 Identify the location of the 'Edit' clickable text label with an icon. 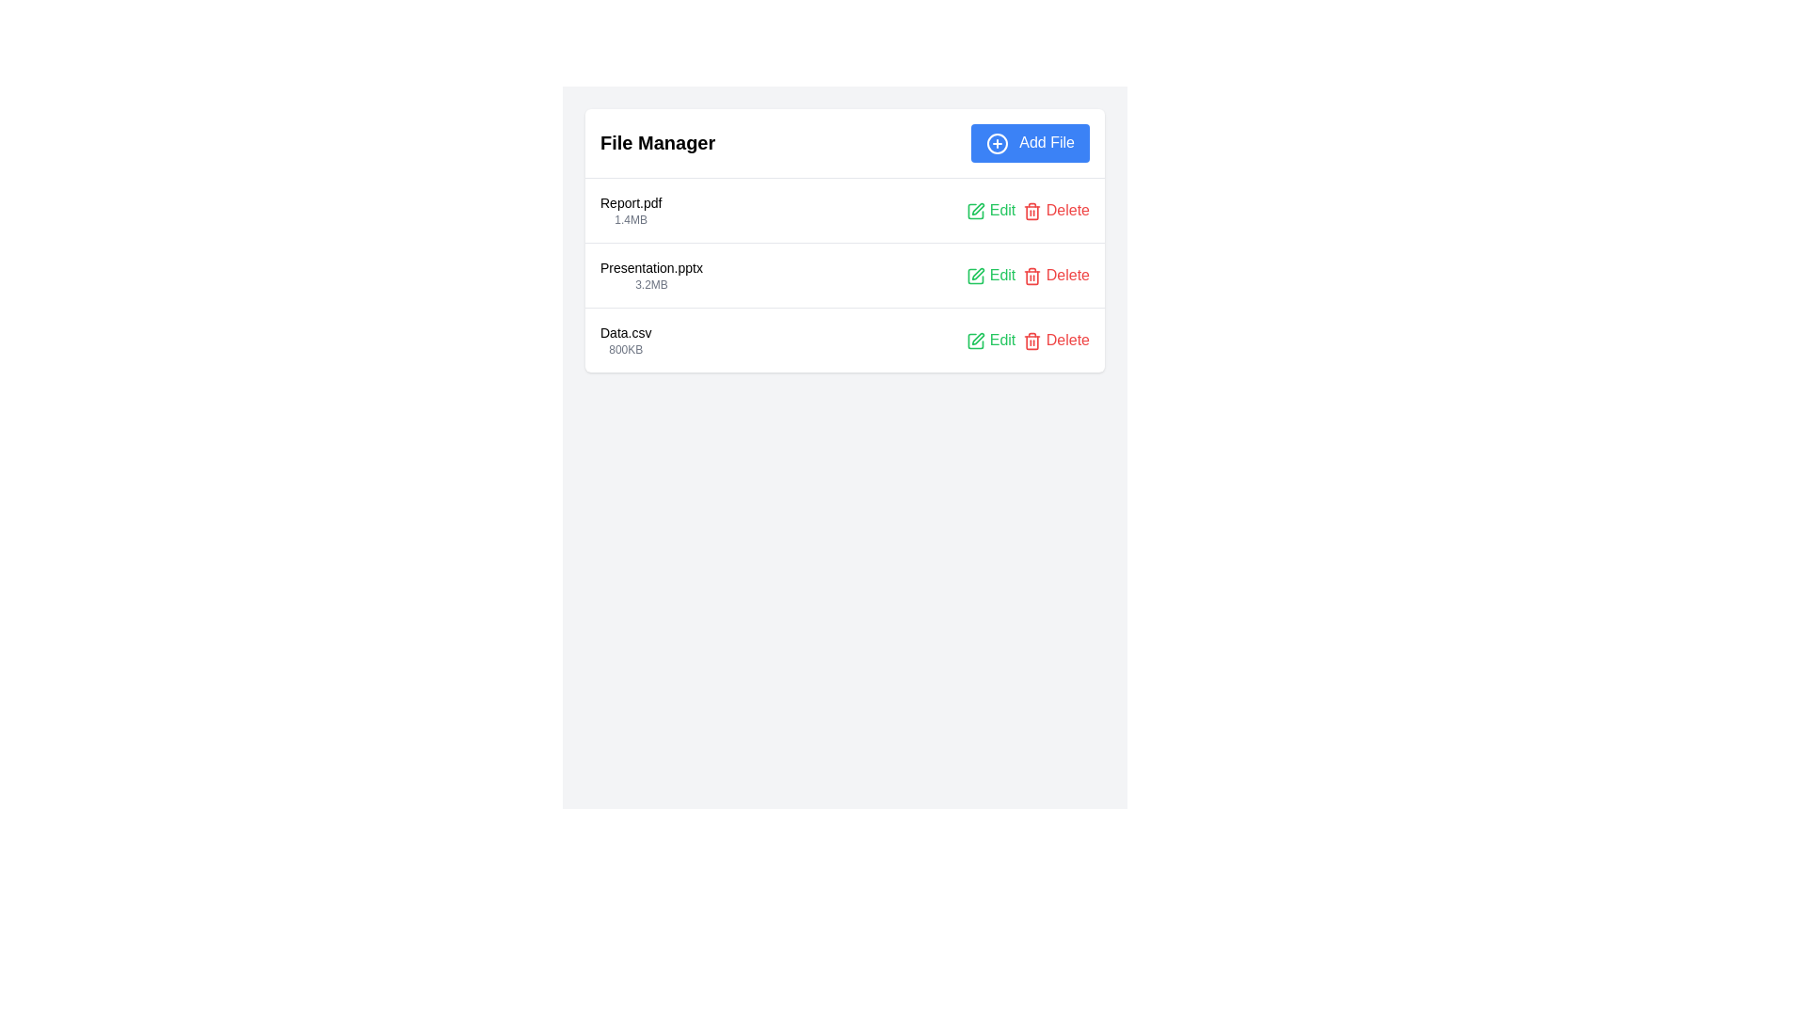
(990, 275).